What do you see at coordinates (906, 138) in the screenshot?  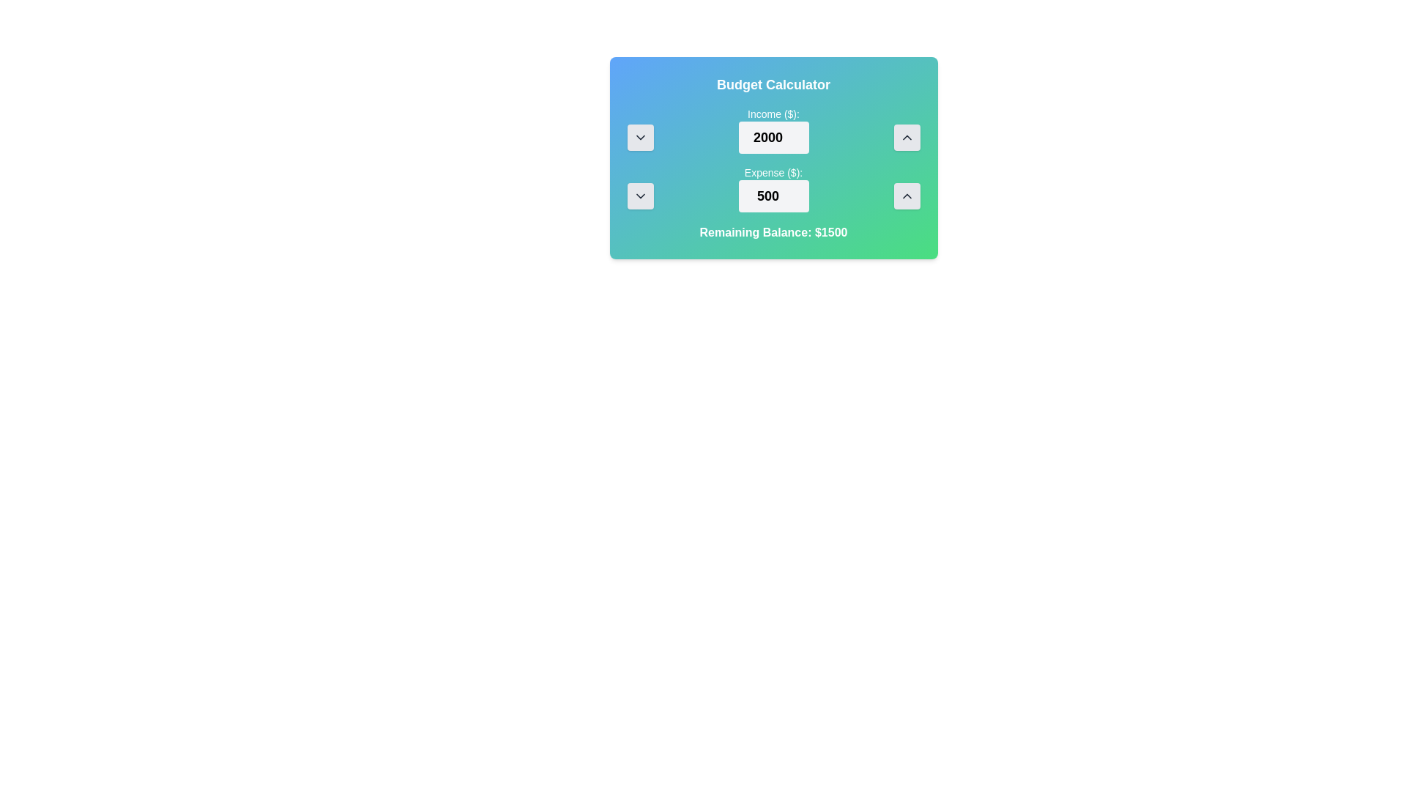 I see `the small rectangular button with rounded corners in the budget calculator interface, located in the top-right corner` at bounding box center [906, 138].